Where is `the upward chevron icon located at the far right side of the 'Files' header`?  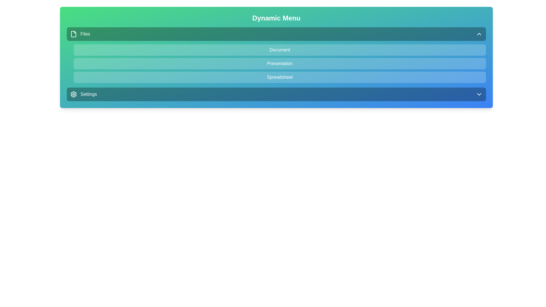
the upward chevron icon located at the far right side of the 'Files' header is located at coordinates (479, 34).